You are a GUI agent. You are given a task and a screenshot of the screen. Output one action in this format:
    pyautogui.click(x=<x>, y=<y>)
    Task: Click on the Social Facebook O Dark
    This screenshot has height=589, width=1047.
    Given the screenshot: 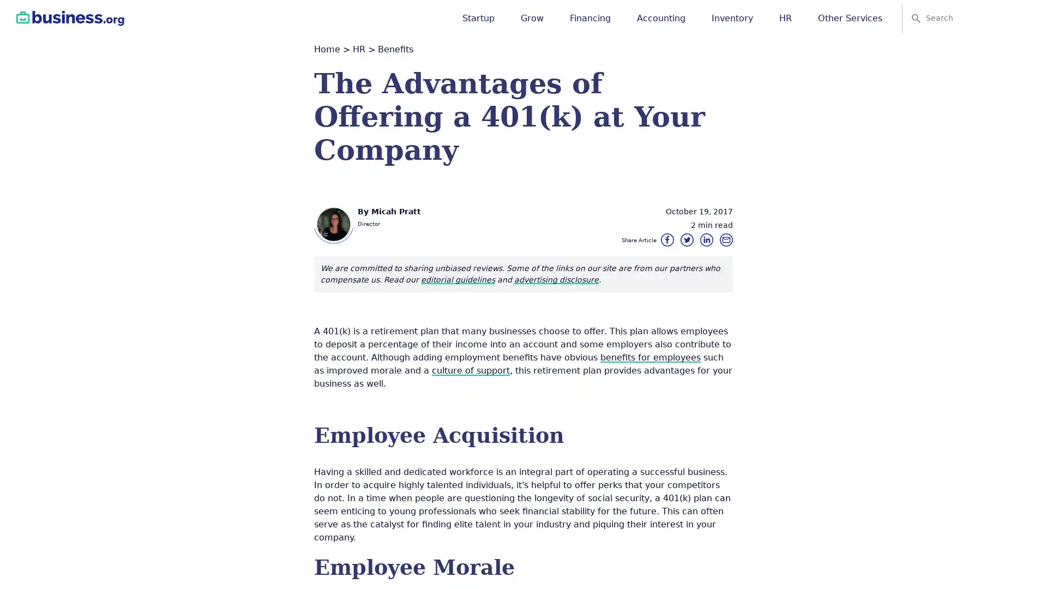 What is the action you would take?
    pyautogui.click(x=667, y=239)
    